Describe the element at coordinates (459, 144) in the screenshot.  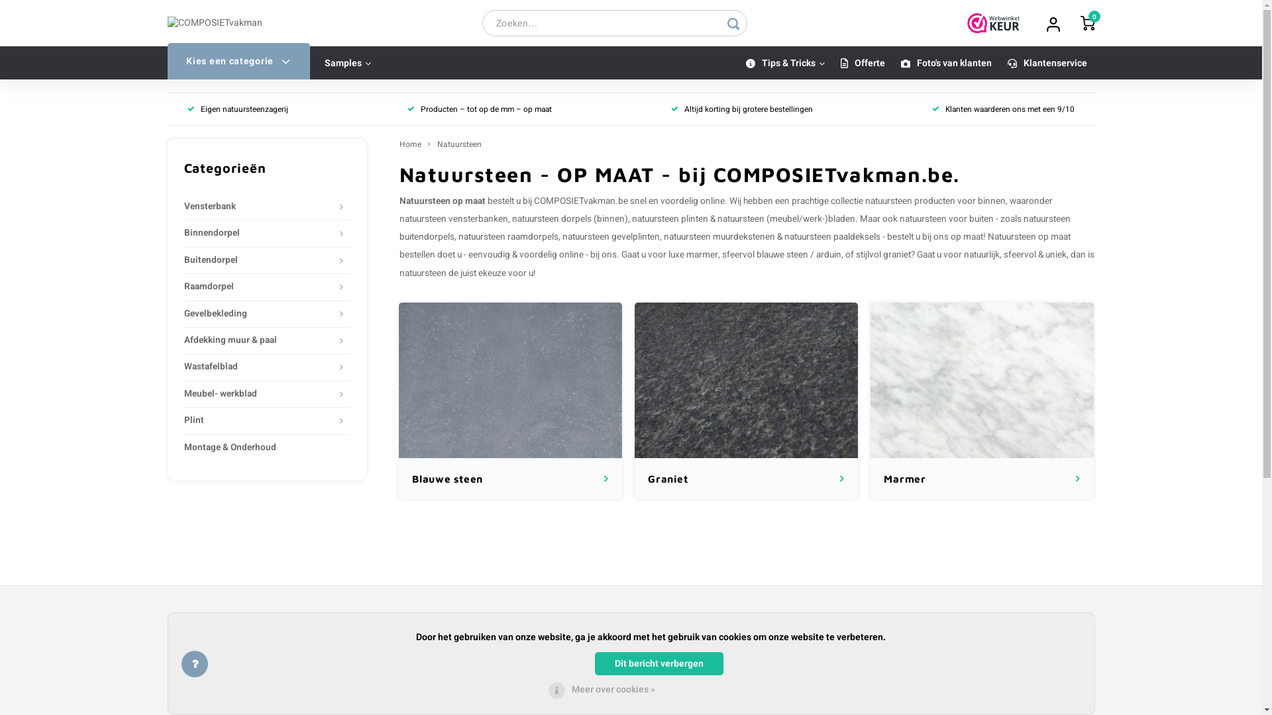
I see `'Natuursteen'` at that location.